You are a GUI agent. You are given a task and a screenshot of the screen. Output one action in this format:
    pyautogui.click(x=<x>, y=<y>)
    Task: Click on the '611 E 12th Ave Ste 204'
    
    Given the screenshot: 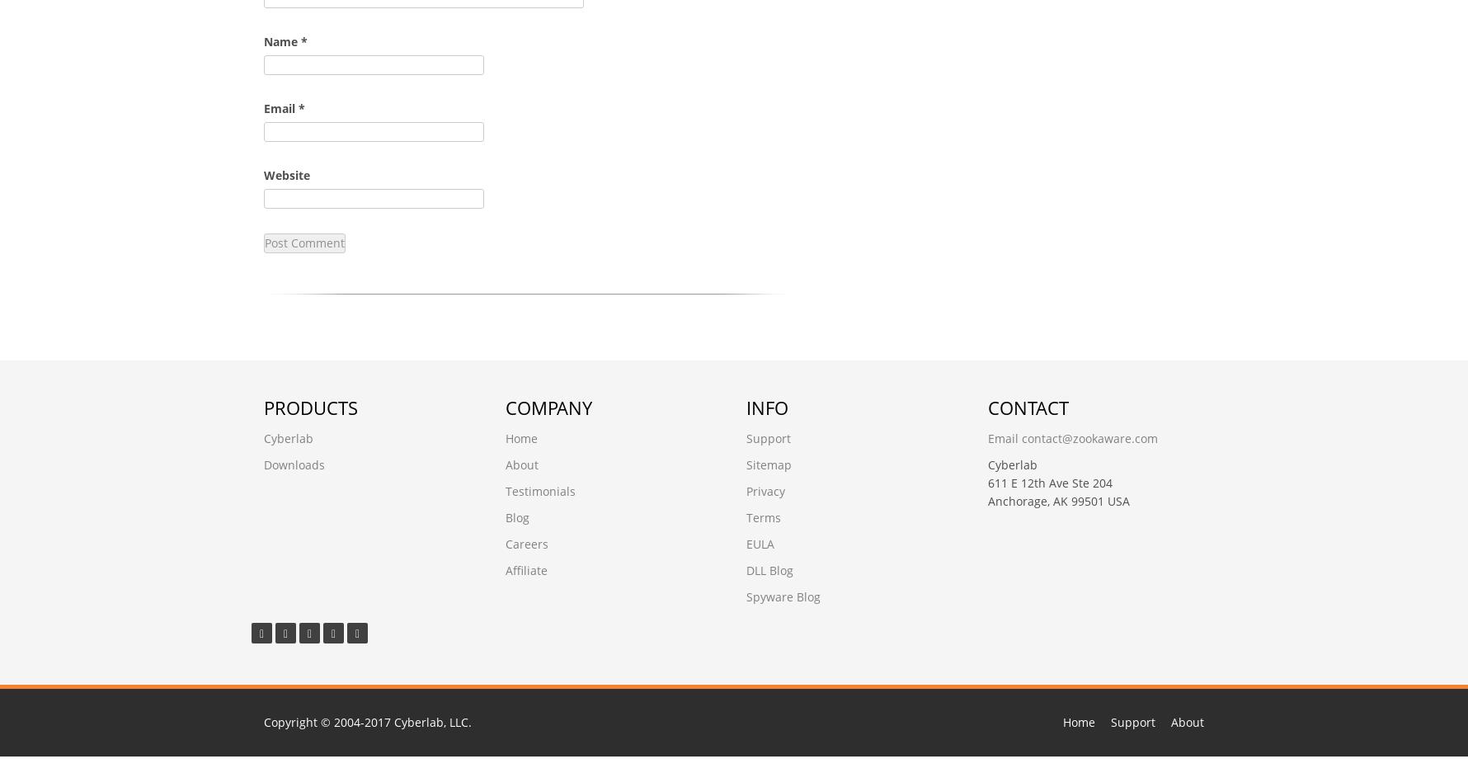 What is the action you would take?
    pyautogui.click(x=1048, y=482)
    